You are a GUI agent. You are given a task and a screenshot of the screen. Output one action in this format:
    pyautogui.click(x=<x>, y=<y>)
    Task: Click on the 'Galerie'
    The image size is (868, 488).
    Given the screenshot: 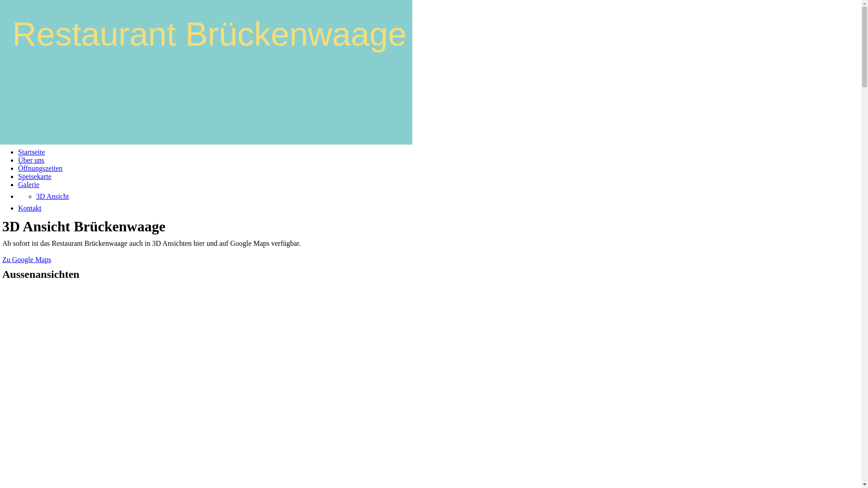 What is the action you would take?
    pyautogui.click(x=28, y=184)
    